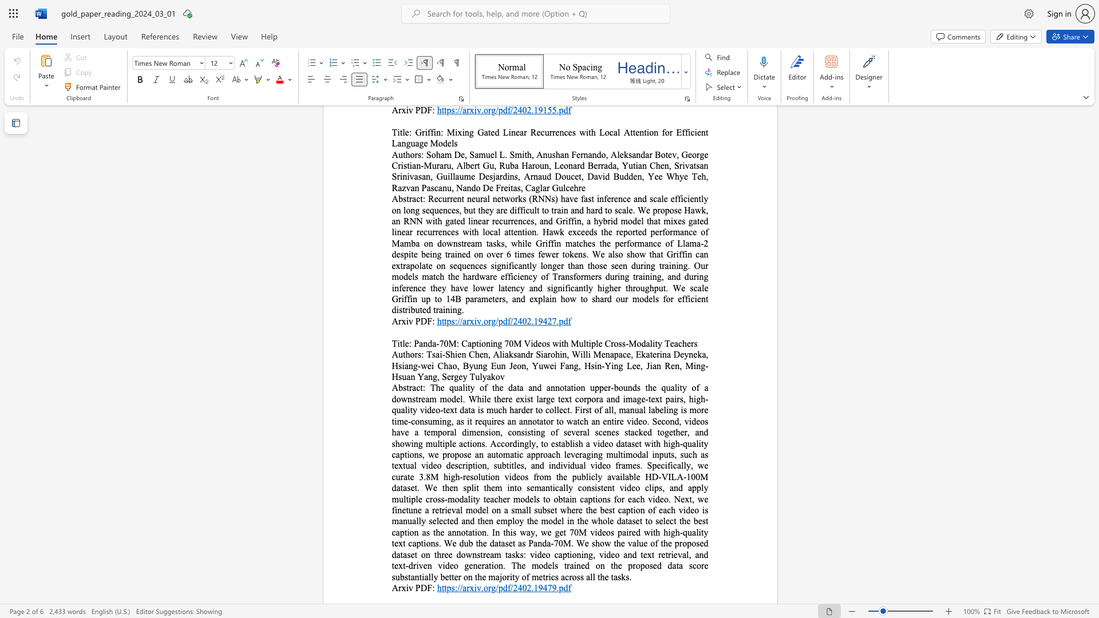 Image resolution: width=1099 pixels, height=618 pixels. What do you see at coordinates (470, 387) in the screenshot?
I see `the subset text "y of the data and annotation upper-bounds the quality of a downstream model. While there exist large text corpora and image-text pairs, high-quality video-text data is much harder to collect. First of all, manual labeling is more time-consuming, as it requires an annotator to watch an entire video. Second, videos have a temporal dimension, consisting of several scenes stacked together, and showing multiple actions. Accordingly, to establish a video dataset with high-quality captions, we propose an automatic approach leveraging multimodal inputs, such as textual video description, subtitles, and individual video frames. Specifically, we curate 3.8M high-resolution videos from the publicly available HD-VILA-100M dataset. We then split them into semantically consistent video clips, and apply multiple cross-modality teacher models to obtain captions for each video. Next, we finetune a retrieval model on a small subset where the best caption of each video is manually selected and then employ the model in the whole datas" within the text "The quality of the data and annotation upper-bounds the quality of a downstream model. While there exist large text corpora and image-text pairs, high-quality video-text data is much harder to collect. First of all, manual labeling is more time-consuming, as it requires an annotator to watch an entire video. Second, videos have a temporal dimension, consisting of several scenes stacked together, and showing multiple actions. Accordingly, to establish a video dataset with high-quality captions, we propose an automatic approach leveraging multimodal inputs, such as textual video description, subtitles, and individual video frames. Specifically, we curate 3.8M high-resolution videos from the publicly available HD-VILA-100M dataset. We then split them into semantically consistent video clips, and apply multiple cross-modality teacher models to obtain captions for each video. Next, we finetune a retrieval model on a small subset where the best caption of each video is manually selected and then employ the model in the whole dataset to select the best caption as the annotation. In"` at bounding box center [470, 387].